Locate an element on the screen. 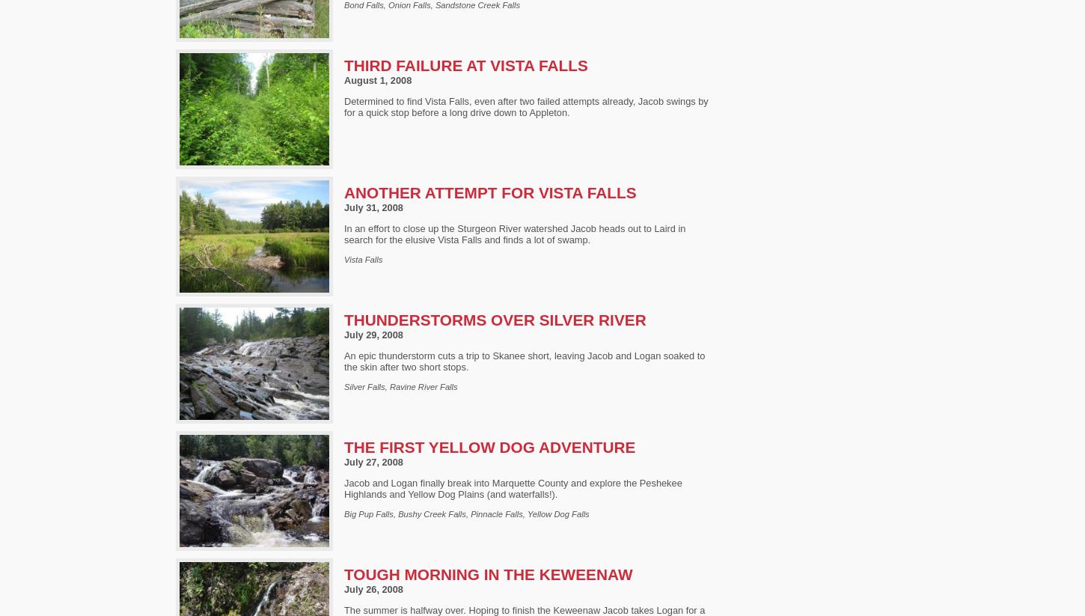 This screenshot has width=1085, height=616. 'July 31, 2008' is located at coordinates (373, 207).